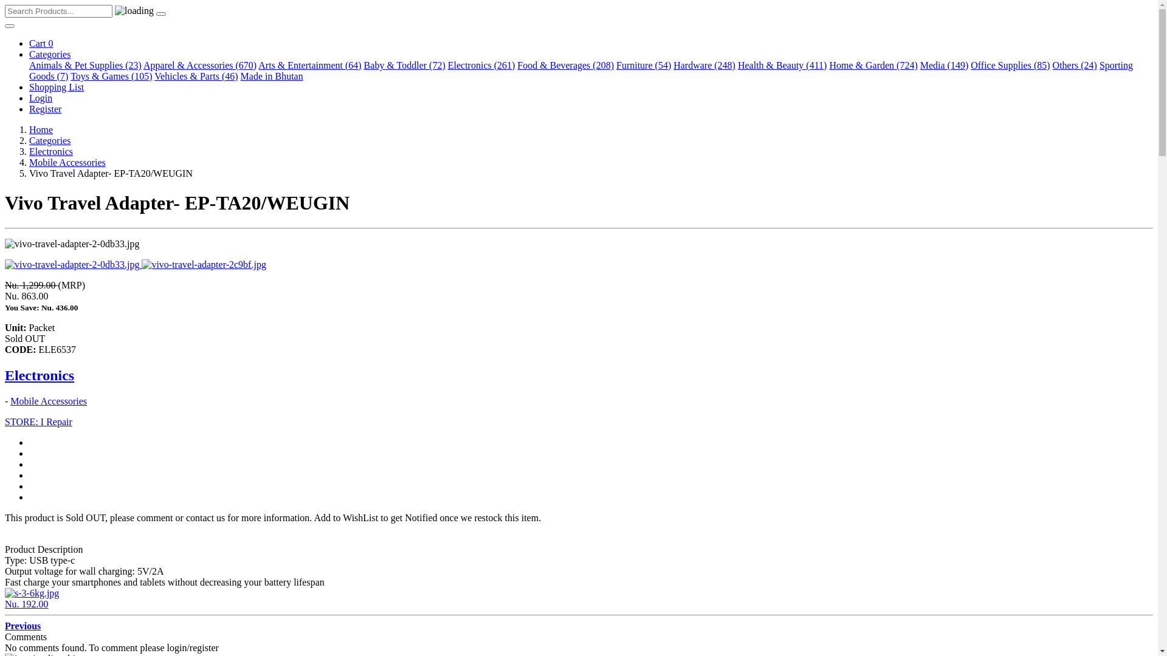 Image resolution: width=1167 pixels, height=656 pixels. Describe the element at coordinates (565, 65) in the screenshot. I see `'Food & Beverages (208)'` at that location.